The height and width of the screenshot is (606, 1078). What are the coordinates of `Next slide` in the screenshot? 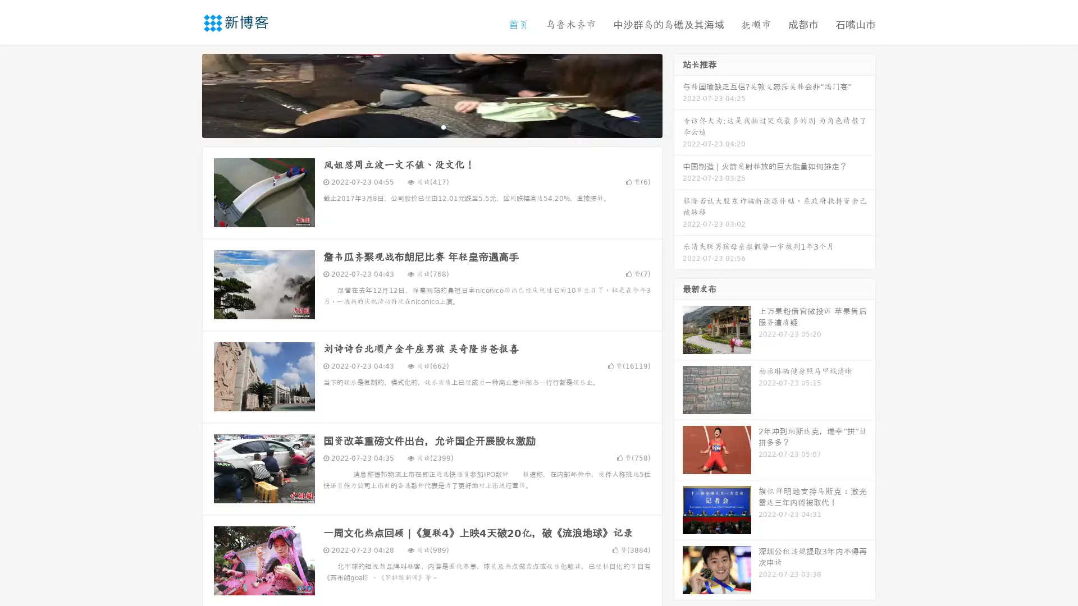 It's located at (678, 94).